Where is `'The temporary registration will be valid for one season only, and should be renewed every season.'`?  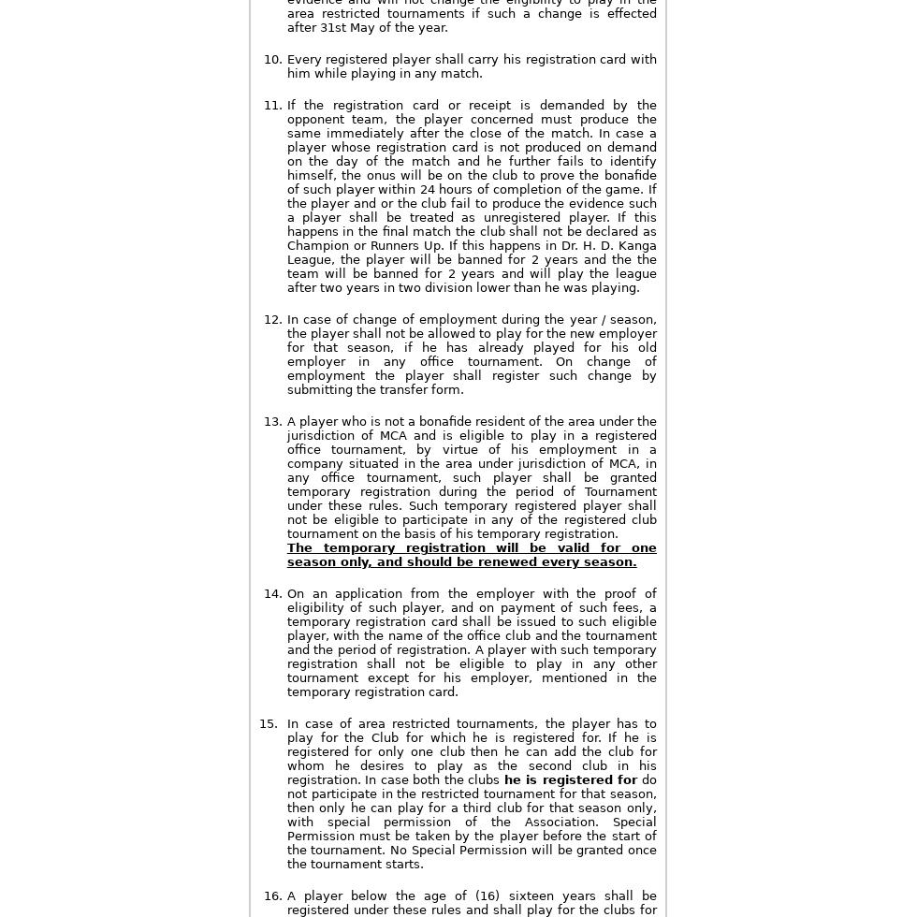 'The temporary registration will be valid for one season only, and should be renewed every season.' is located at coordinates (471, 554).